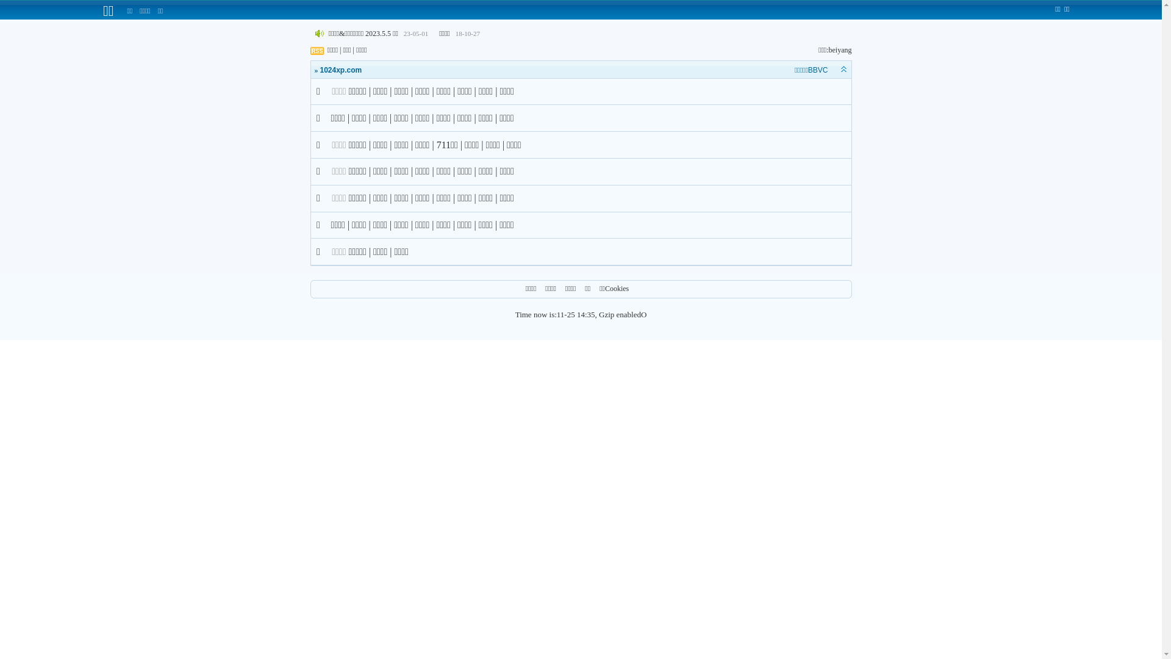 The height and width of the screenshot is (659, 1171). Describe the element at coordinates (839, 49) in the screenshot. I see `'beiyang'` at that location.